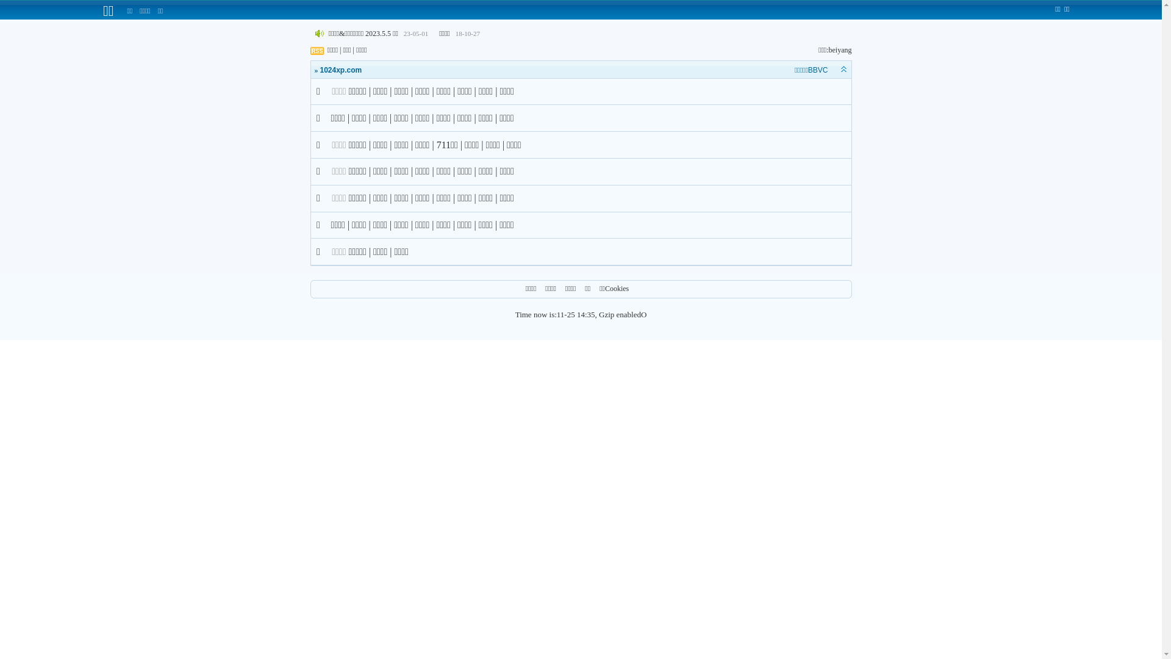 The height and width of the screenshot is (659, 1171). Describe the element at coordinates (839, 49) in the screenshot. I see `'beiyang'` at that location.